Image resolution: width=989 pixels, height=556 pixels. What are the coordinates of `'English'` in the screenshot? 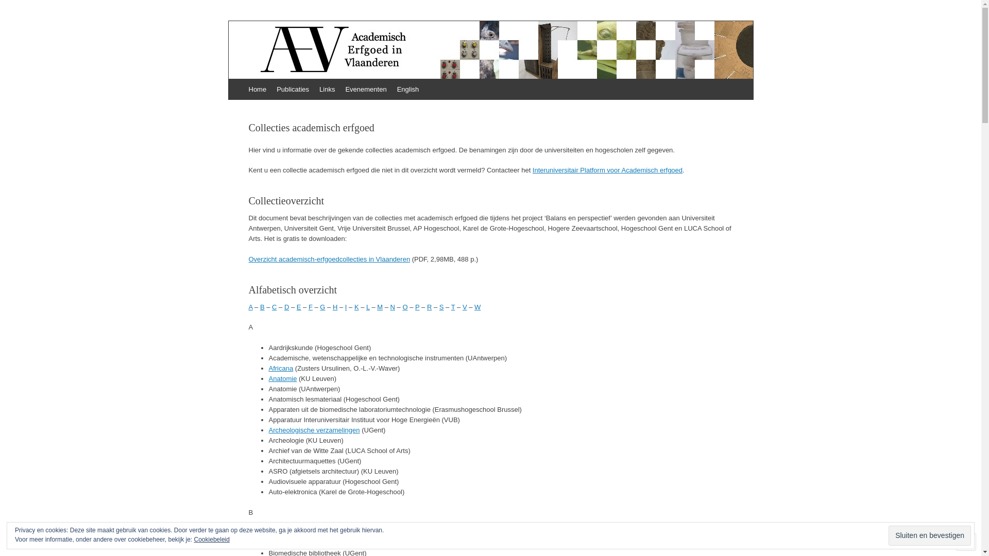 It's located at (407, 89).